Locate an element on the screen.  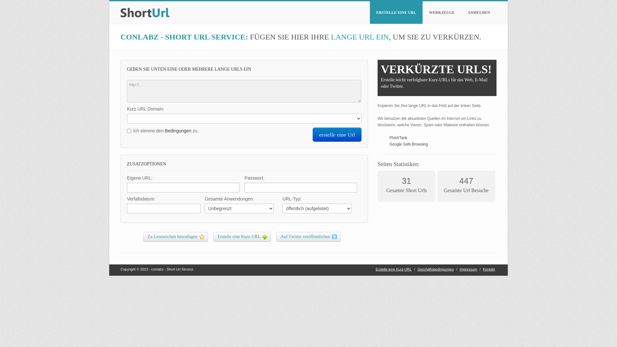
'Impressum' is located at coordinates (468, 269).